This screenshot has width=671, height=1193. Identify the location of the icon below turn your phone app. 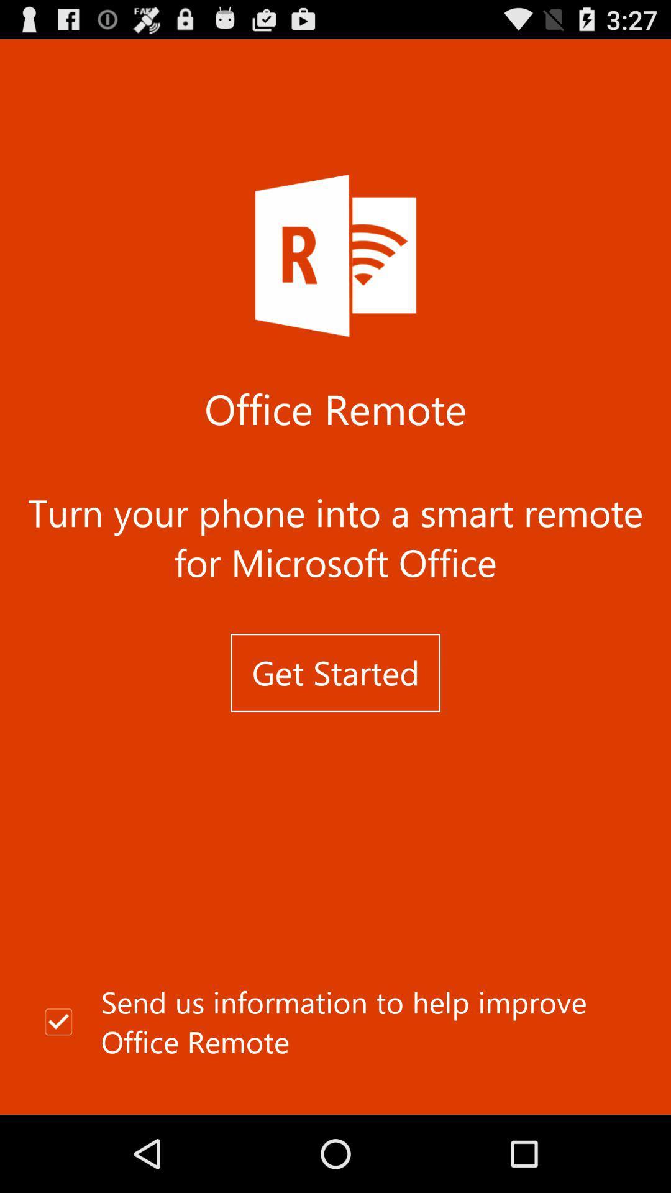
(335, 672).